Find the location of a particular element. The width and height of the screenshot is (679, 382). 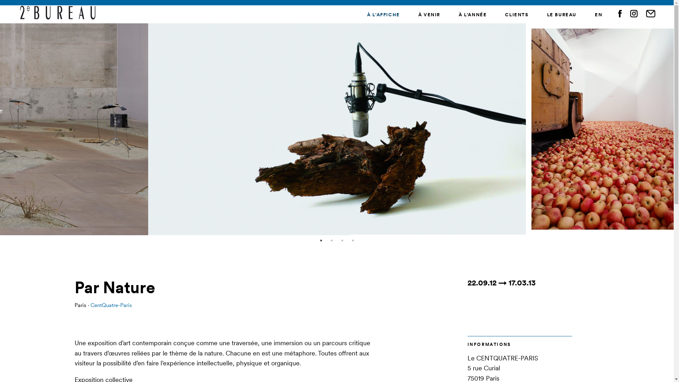

'4' is located at coordinates (353, 240).